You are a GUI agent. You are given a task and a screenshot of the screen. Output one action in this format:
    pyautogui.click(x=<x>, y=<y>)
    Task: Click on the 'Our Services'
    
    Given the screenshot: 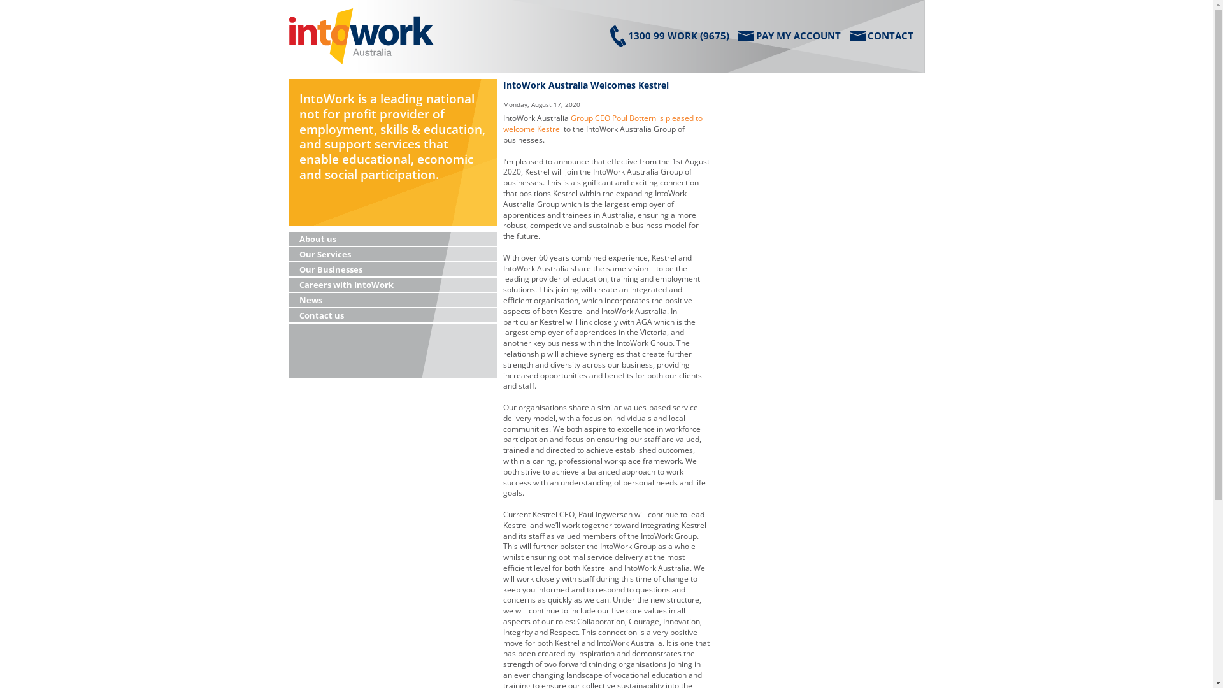 What is the action you would take?
    pyautogui.click(x=392, y=255)
    